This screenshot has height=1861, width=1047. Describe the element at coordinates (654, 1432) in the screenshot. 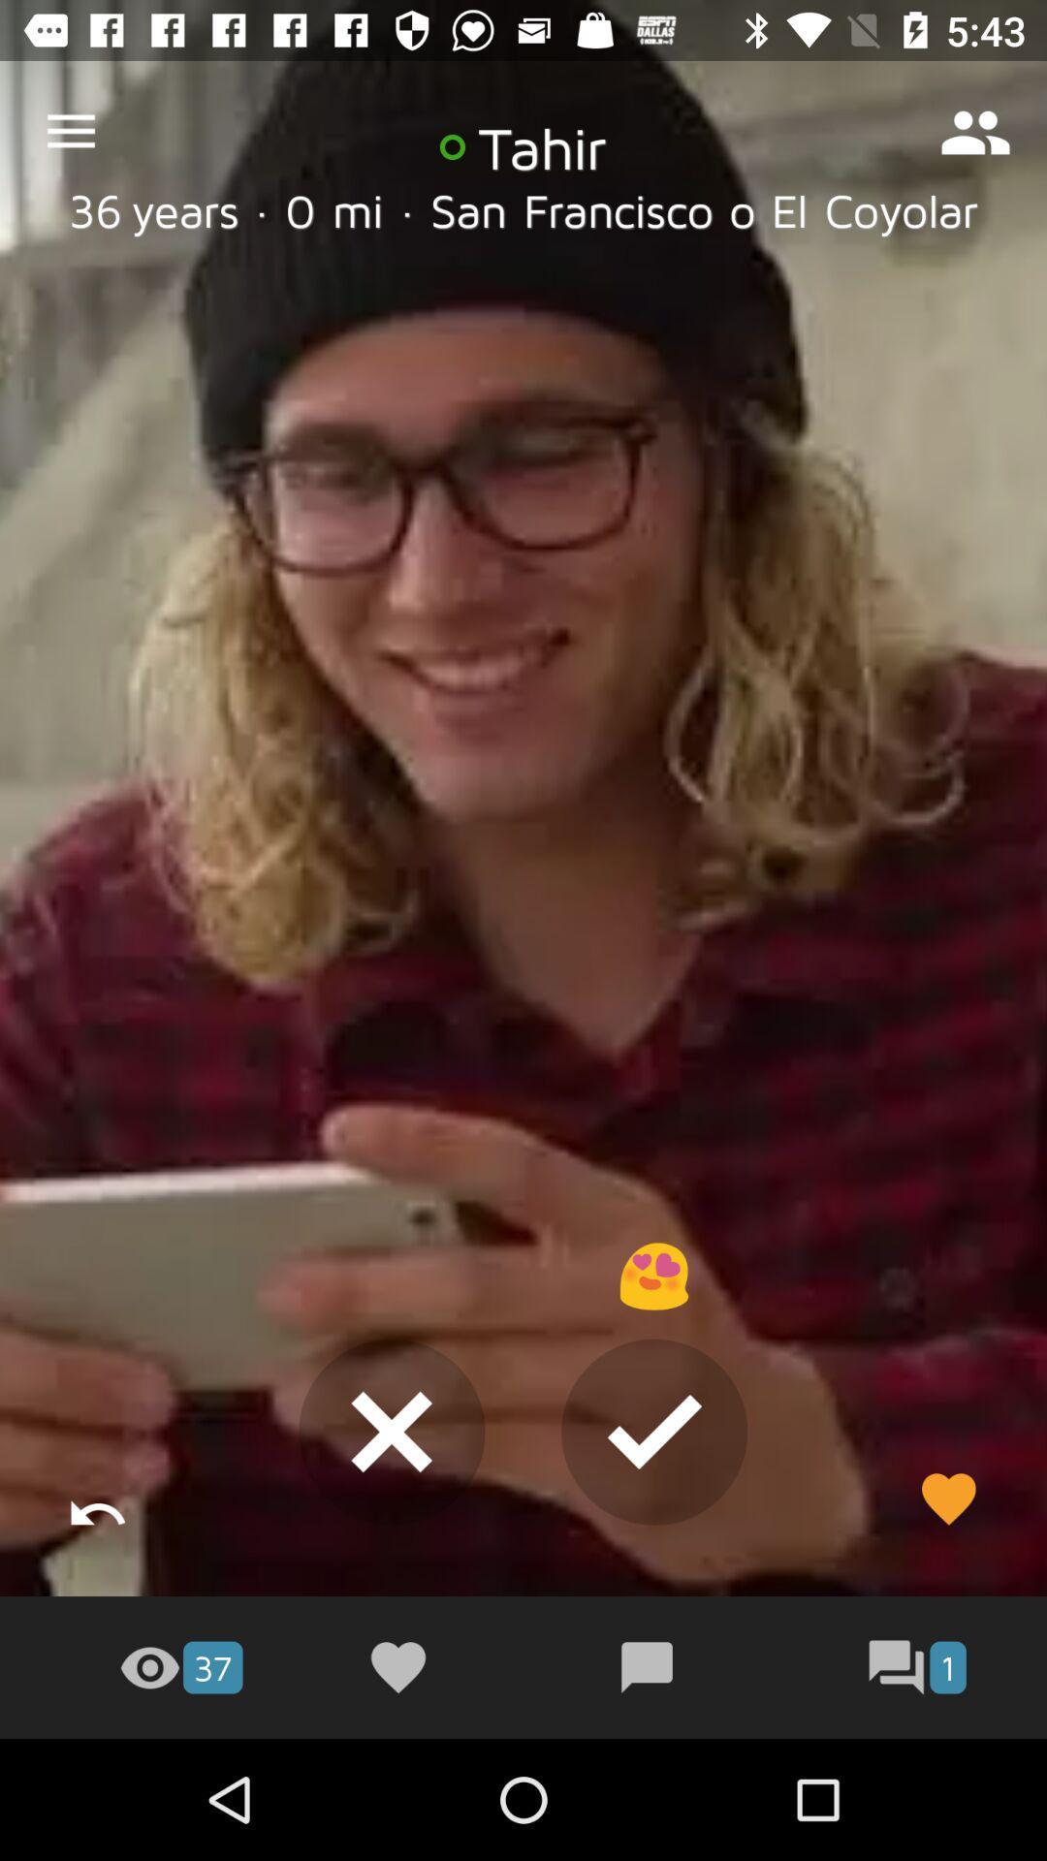

I see `the check icon` at that location.